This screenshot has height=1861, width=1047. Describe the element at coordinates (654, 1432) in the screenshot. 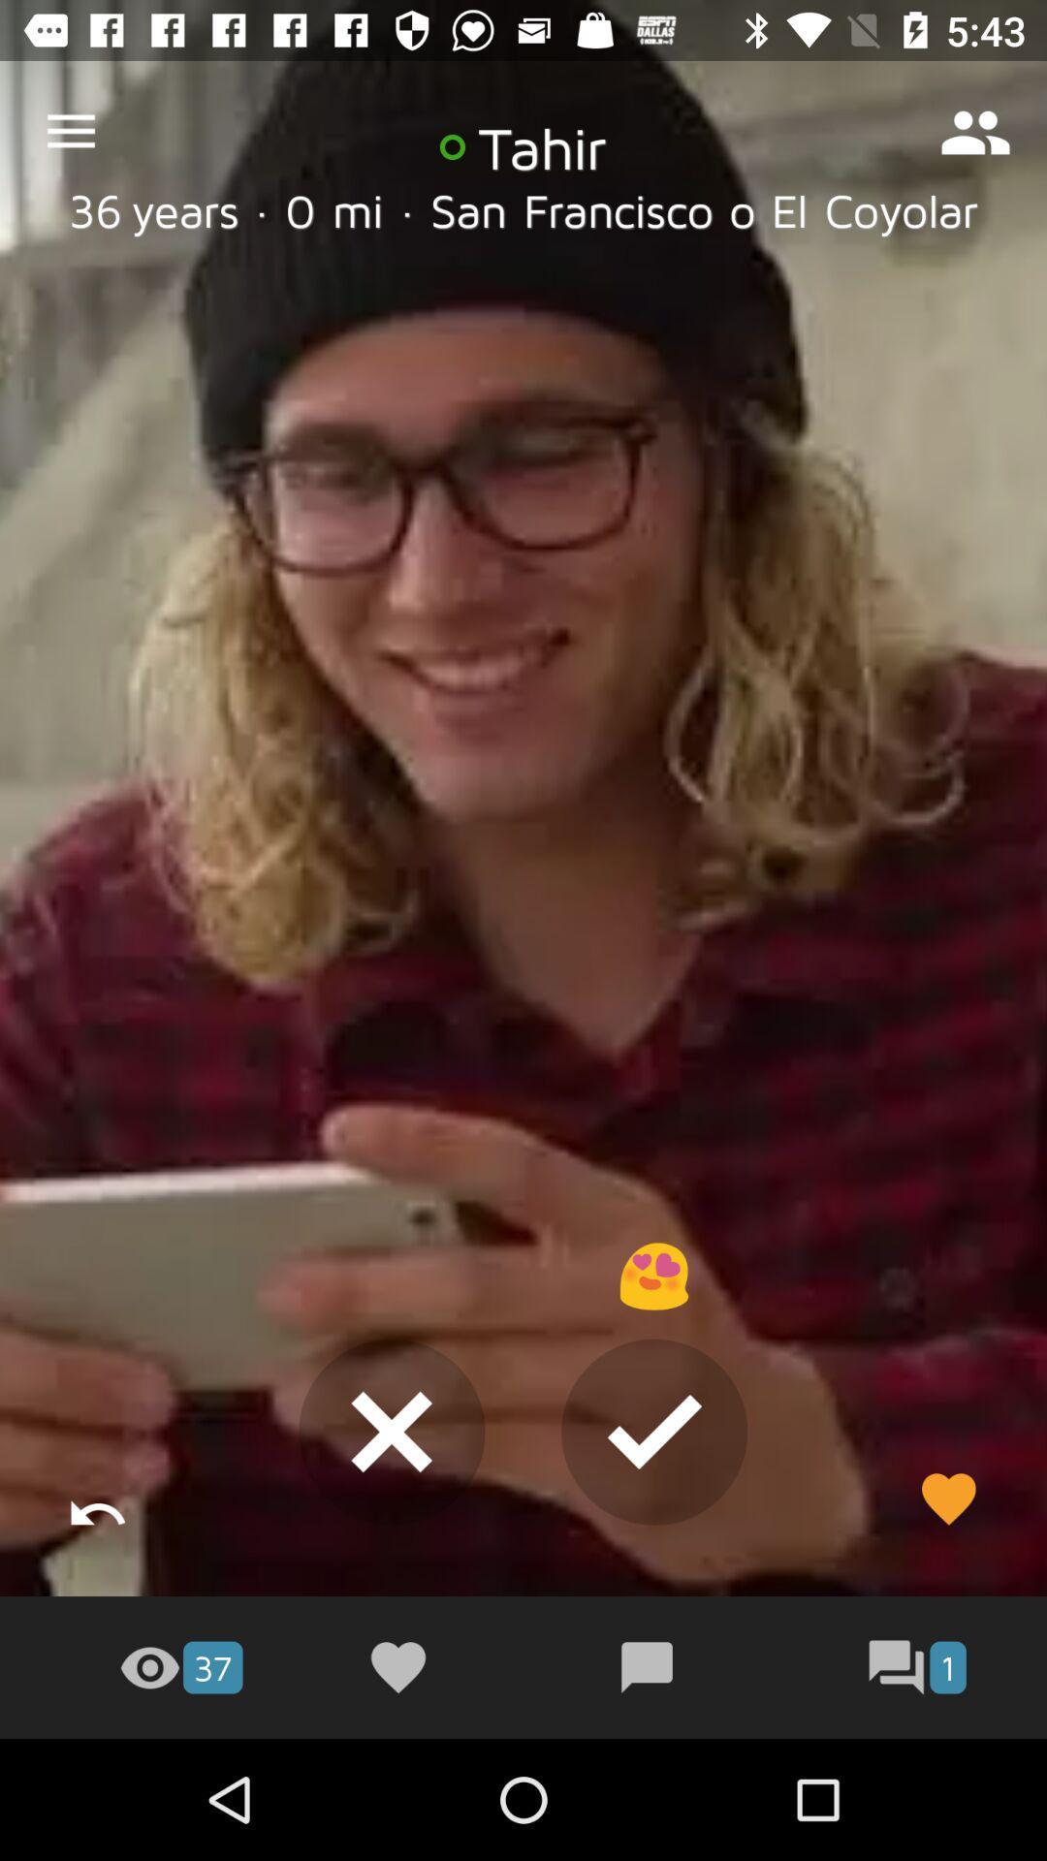

I see `the check icon` at that location.